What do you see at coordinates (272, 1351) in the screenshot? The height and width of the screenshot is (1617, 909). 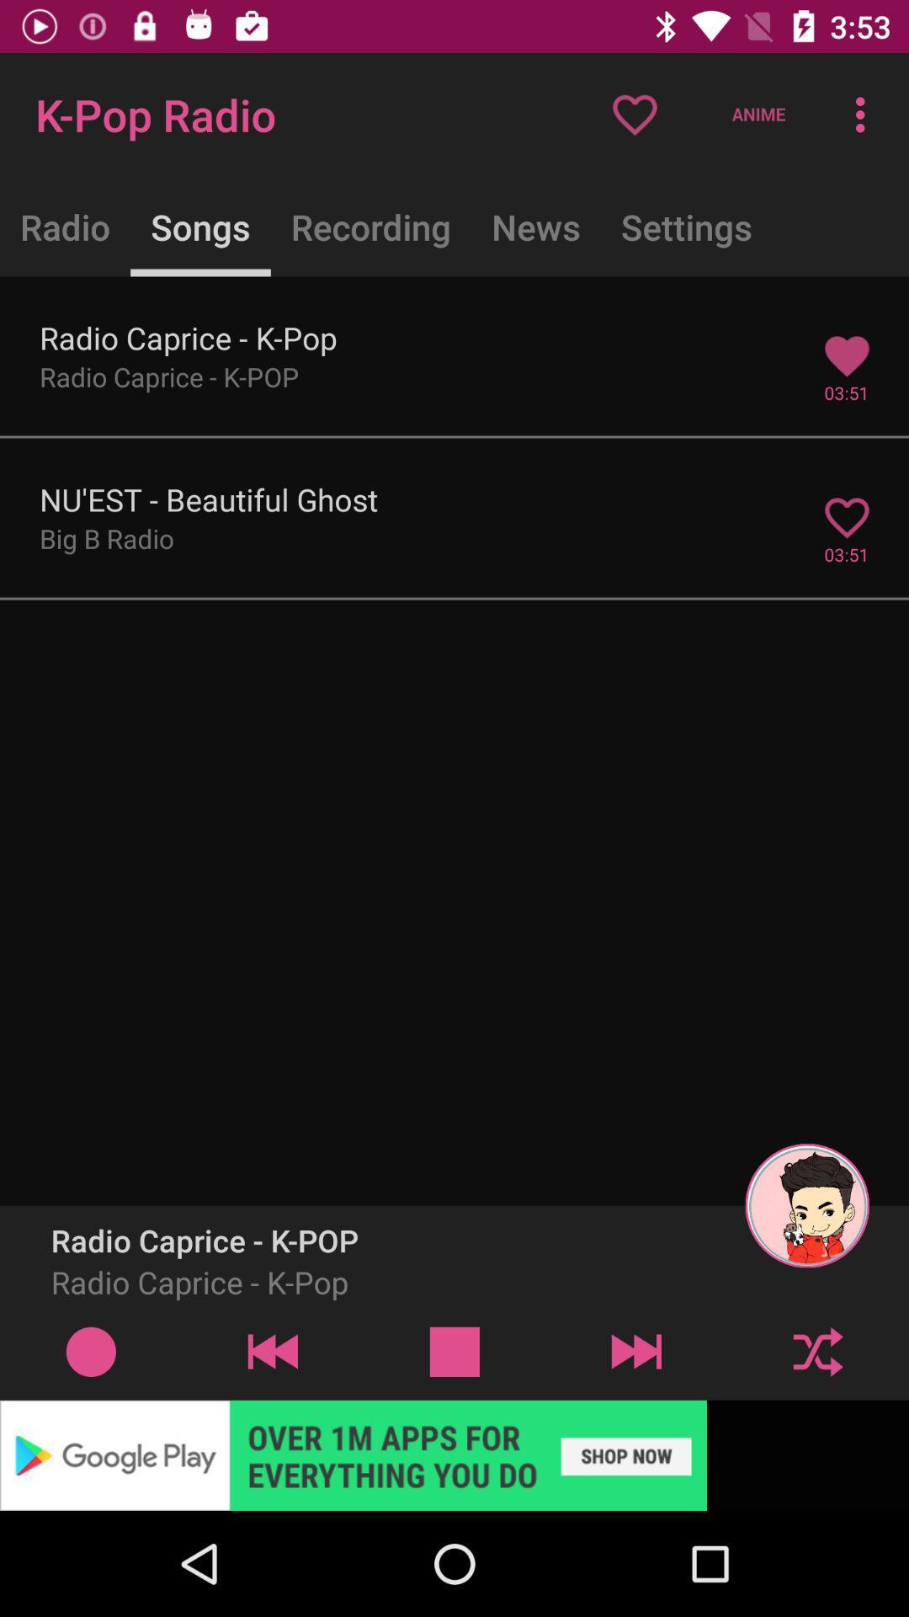 I see `rewind to beginning` at bounding box center [272, 1351].